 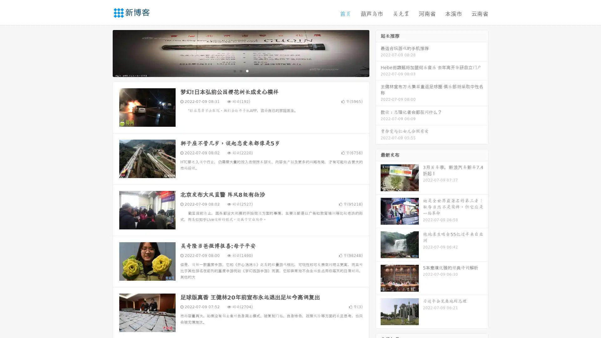 What do you see at coordinates (378, 53) in the screenshot?
I see `Next slide` at bounding box center [378, 53].